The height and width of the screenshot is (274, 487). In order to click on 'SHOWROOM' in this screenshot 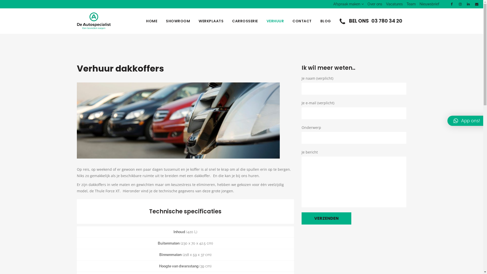, I will do `click(178, 21)`.